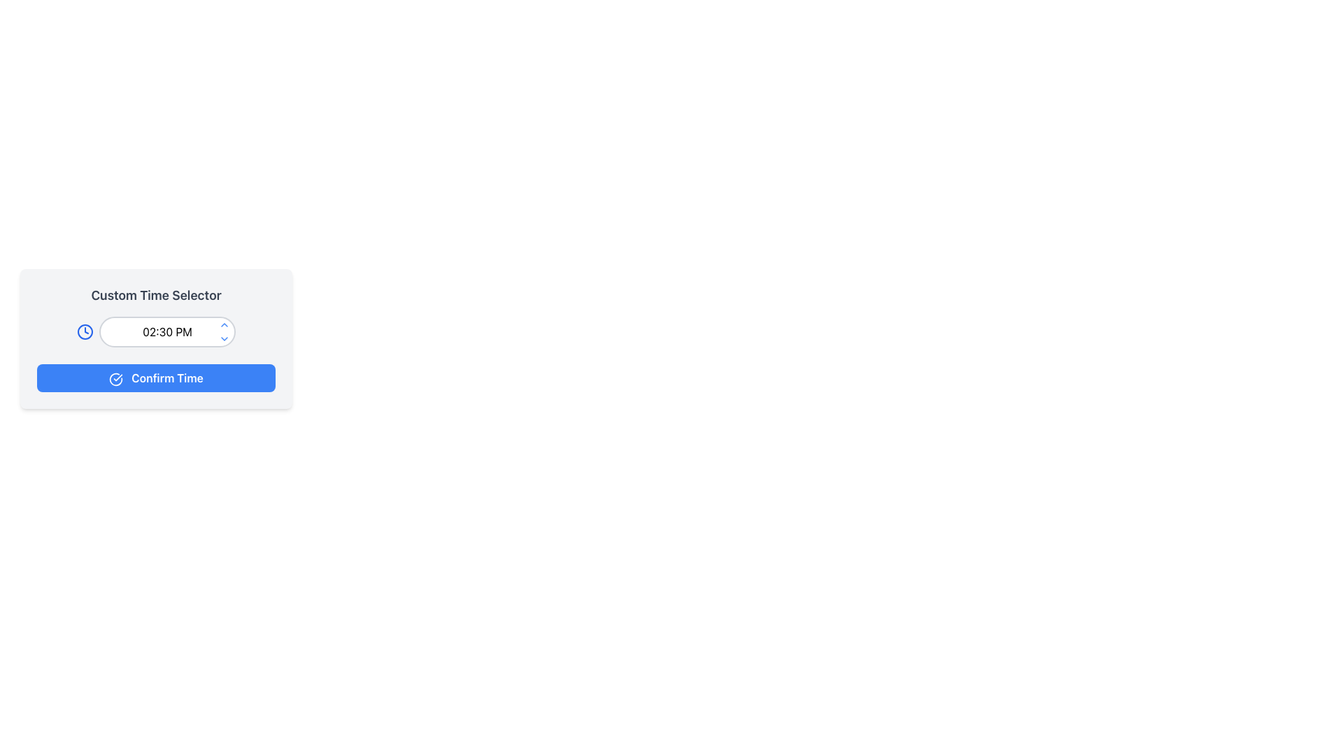  Describe the element at coordinates (156, 382) in the screenshot. I see `the 'Confirm Time' button located at the bottom of the custom time selector panel, which includes a heading and a time input field` at that location.